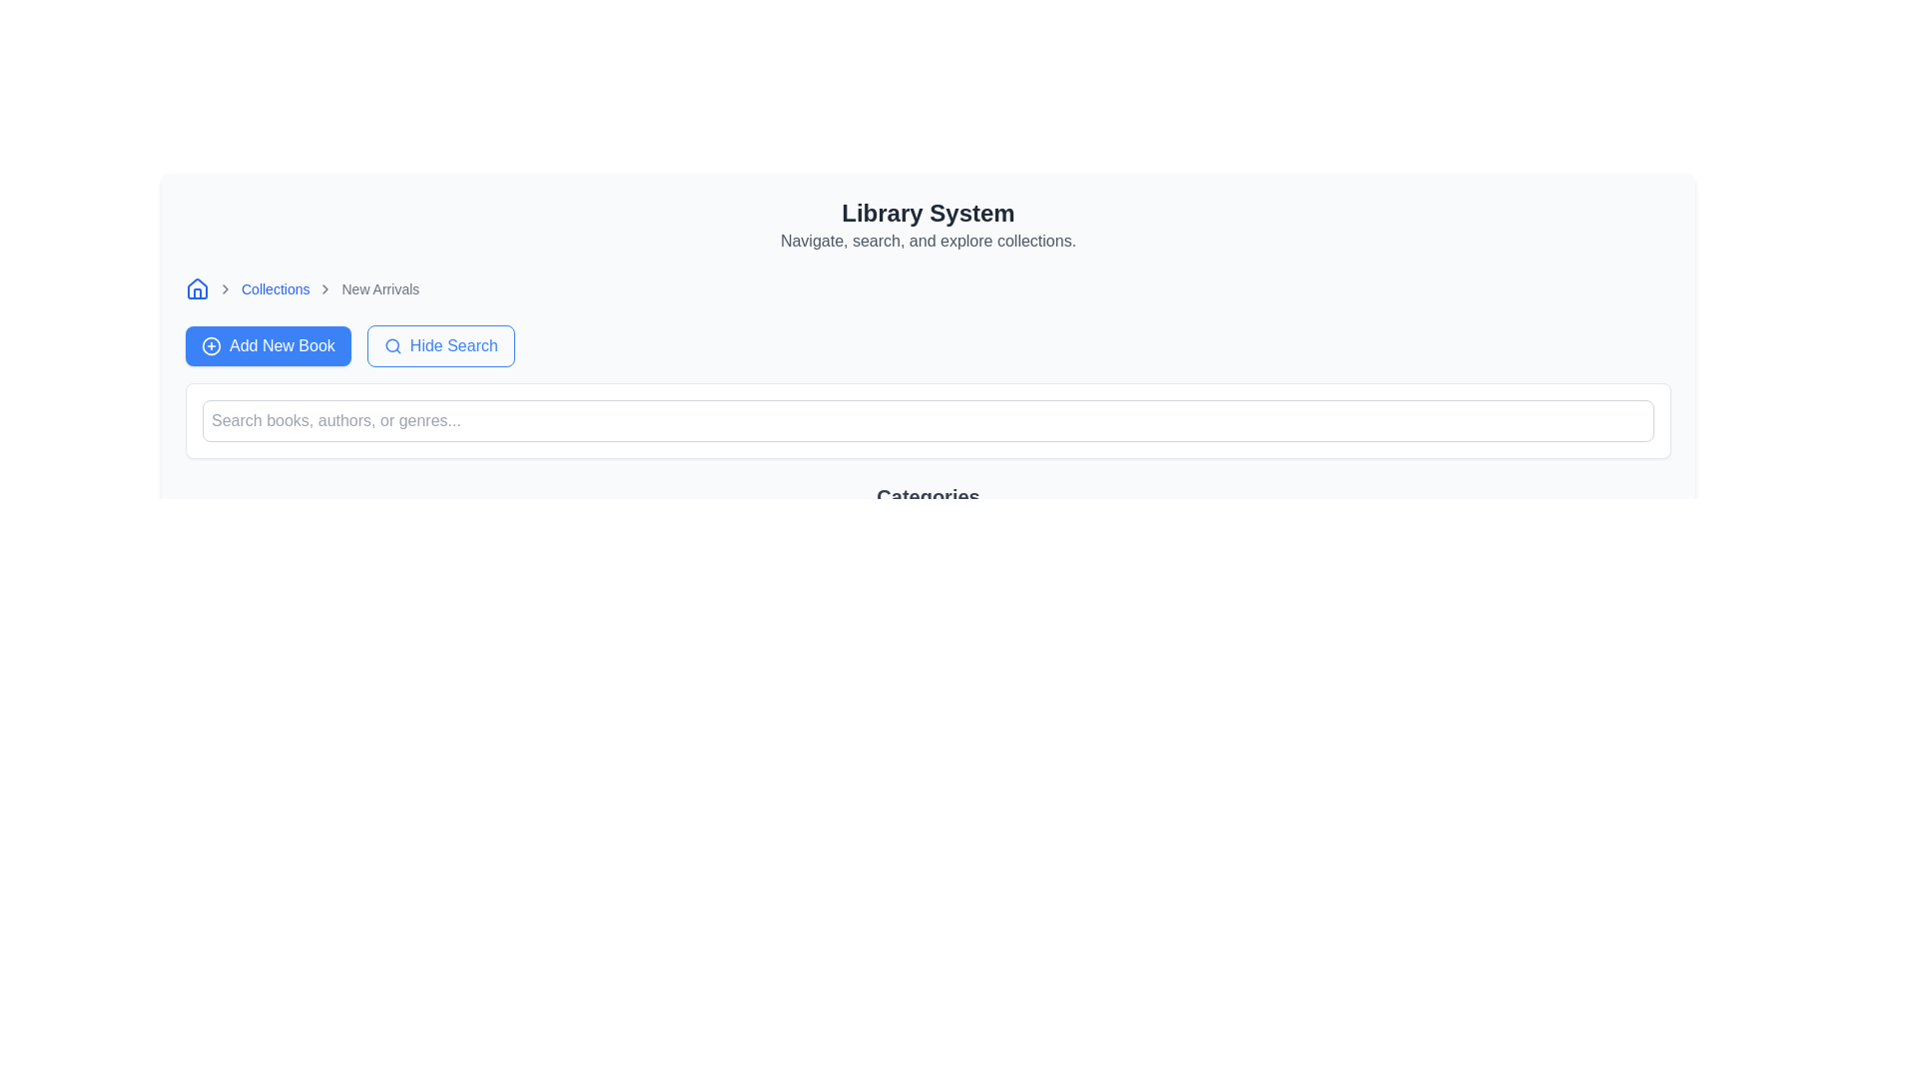  I want to click on the home icon located at the top-left corner of the breadcrumb navigation, preceding the text 'Collections', so click(197, 288).